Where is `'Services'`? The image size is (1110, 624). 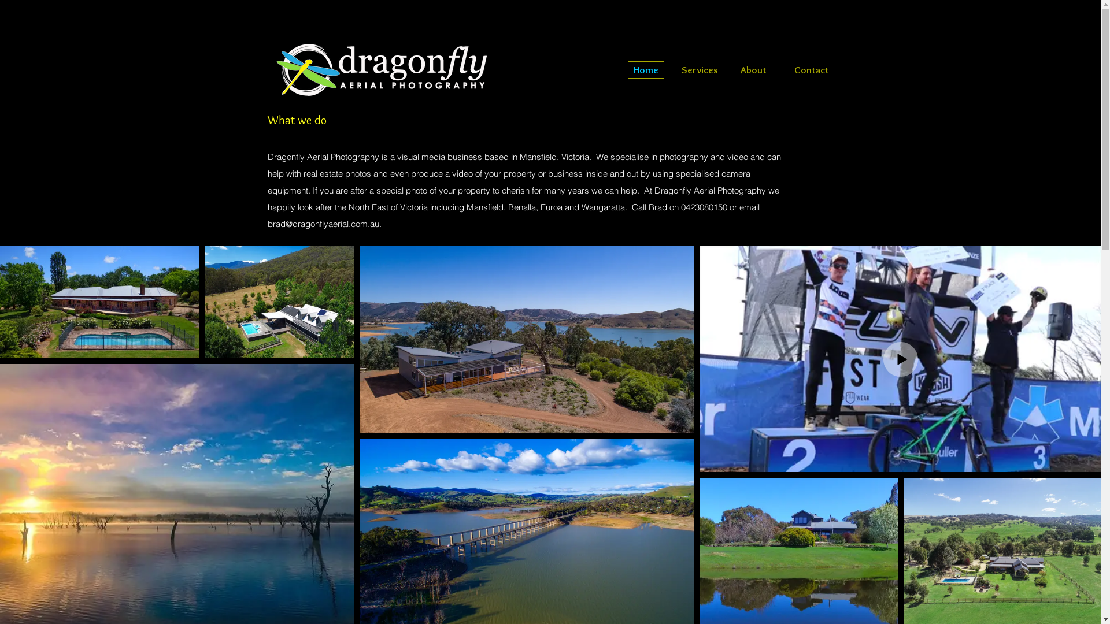
'Services' is located at coordinates (672, 69).